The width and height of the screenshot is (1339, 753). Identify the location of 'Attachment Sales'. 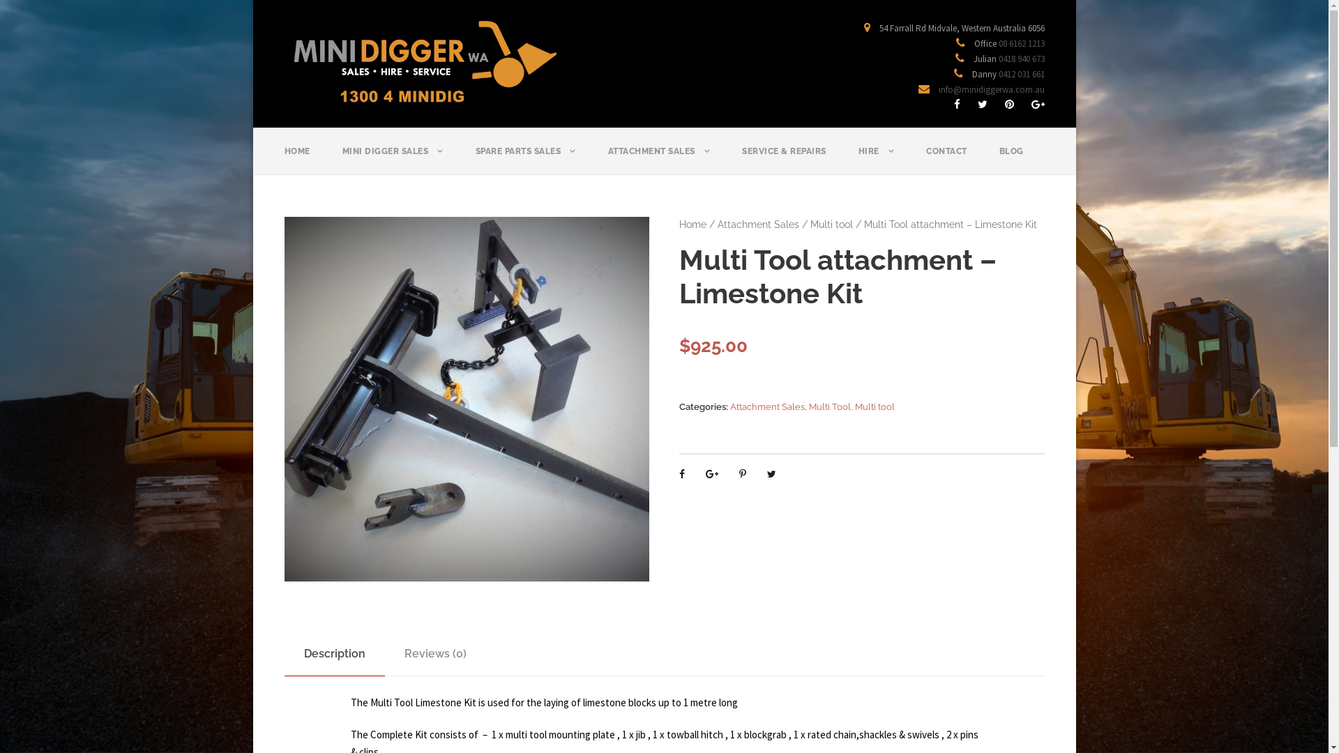
(766, 406).